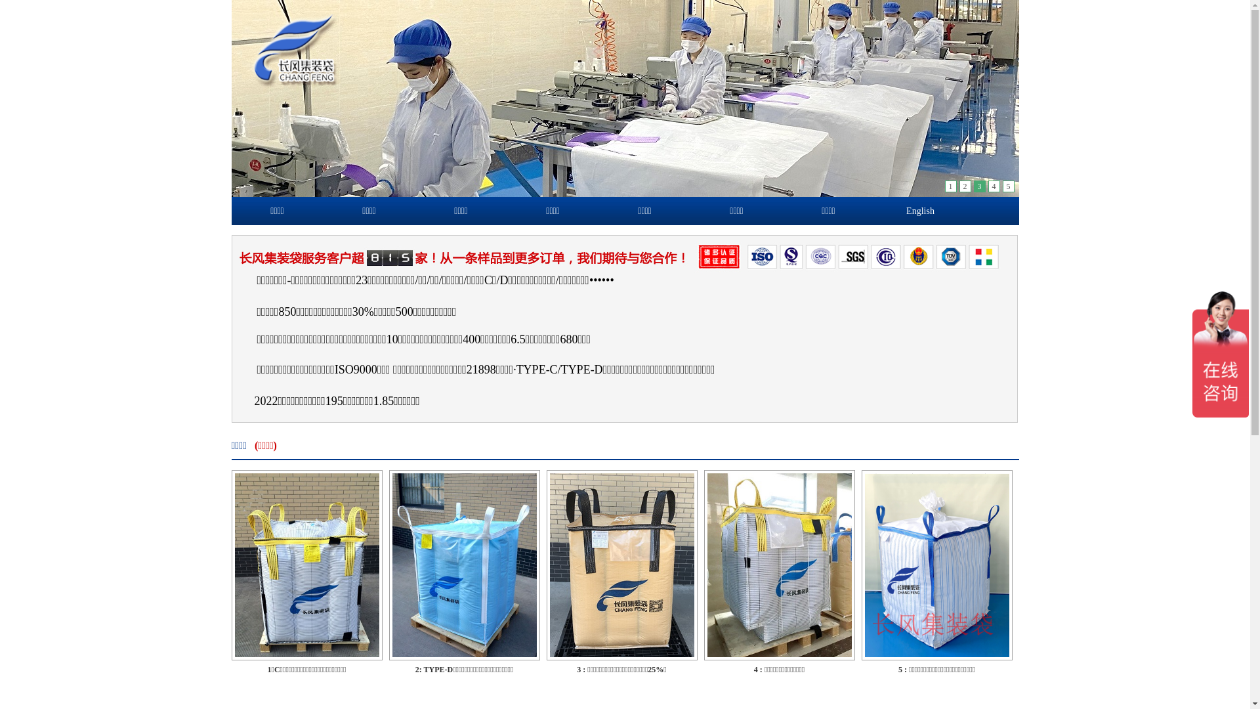 This screenshot has height=709, width=1260. What do you see at coordinates (919, 210) in the screenshot?
I see `'English'` at bounding box center [919, 210].